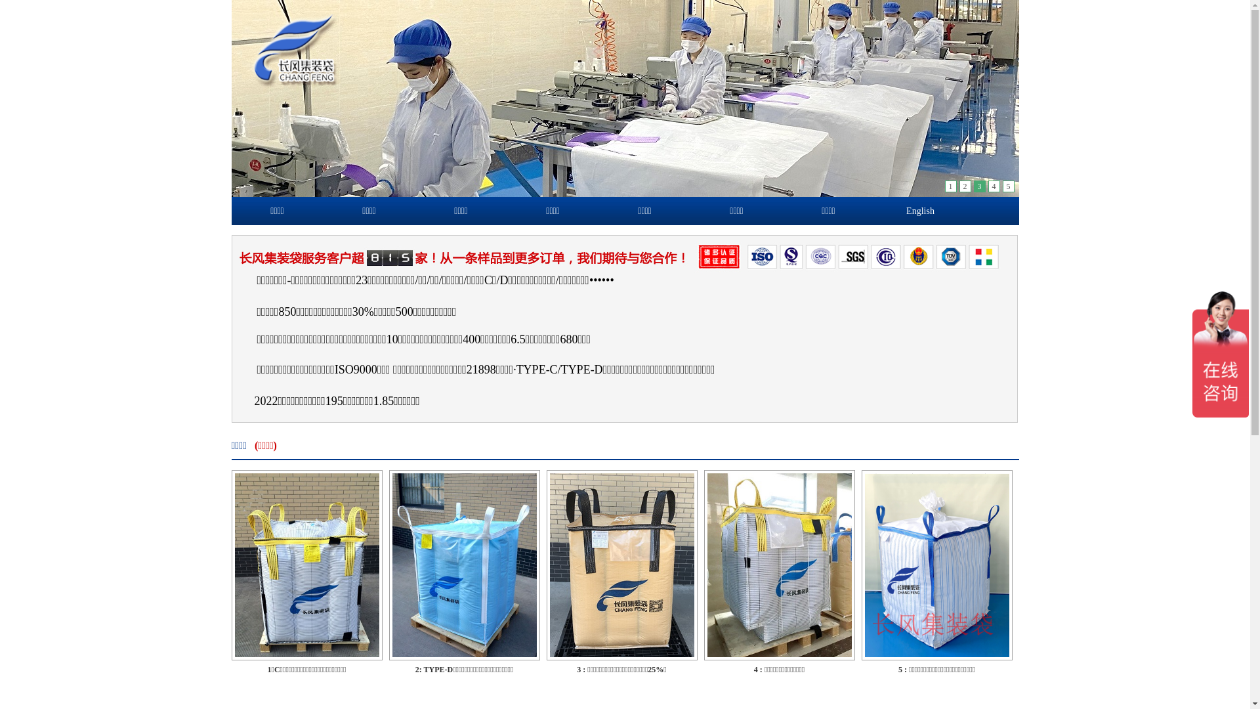 This screenshot has height=709, width=1260. What do you see at coordinates (919, 210) in the screenshot?
I see `'English'` at bounding box center [919, 210].